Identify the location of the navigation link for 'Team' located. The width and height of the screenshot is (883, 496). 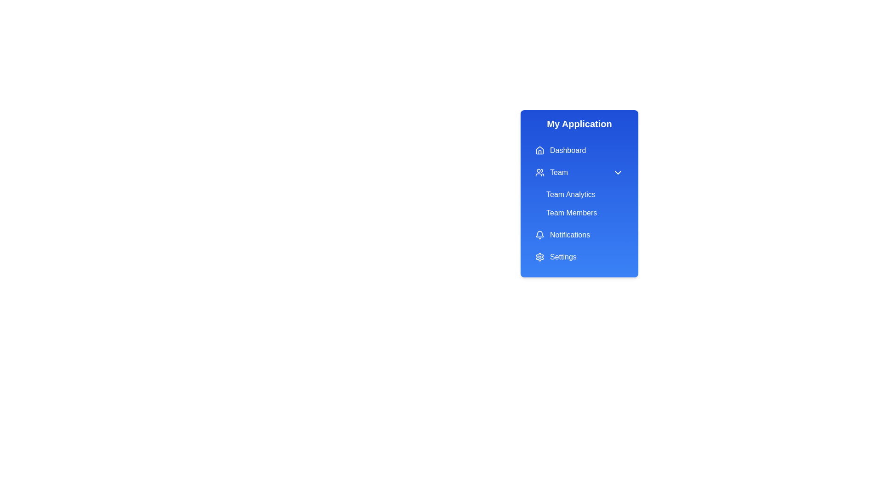
(551, 172).